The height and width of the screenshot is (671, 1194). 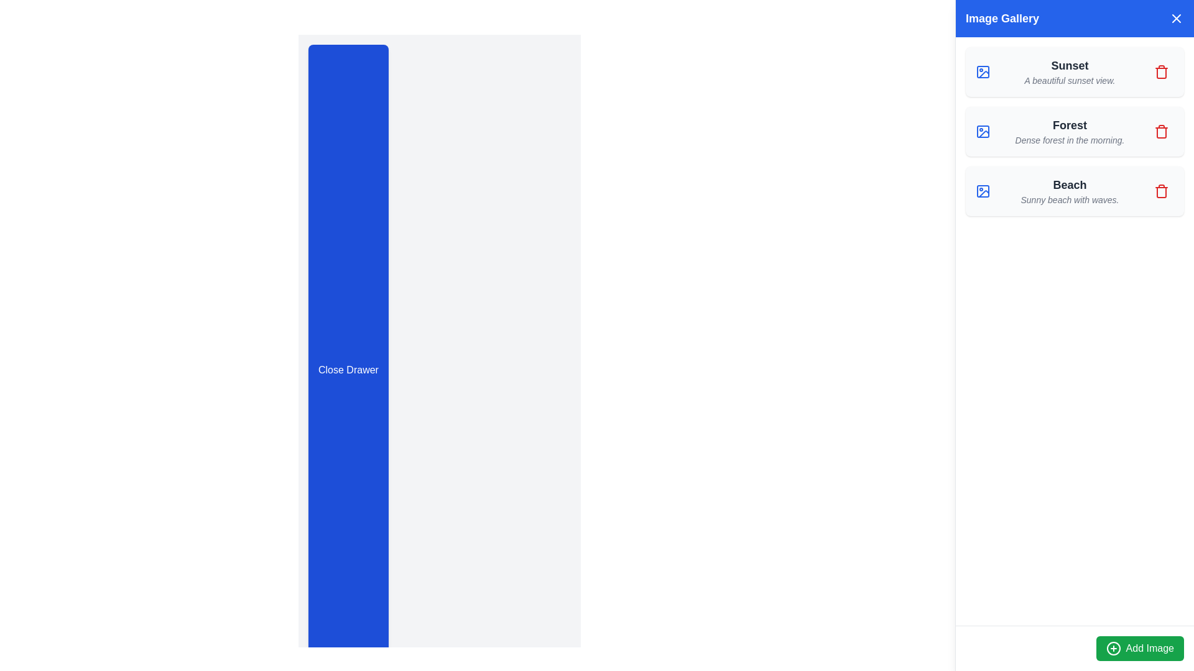 I want to click on the Text Label that displays information about 'Beach', located in the 'Image Gallery' section below 'Sunset' and 'Forest', to the right of an icon and left of a delete button, so click(x=1069, y=191).